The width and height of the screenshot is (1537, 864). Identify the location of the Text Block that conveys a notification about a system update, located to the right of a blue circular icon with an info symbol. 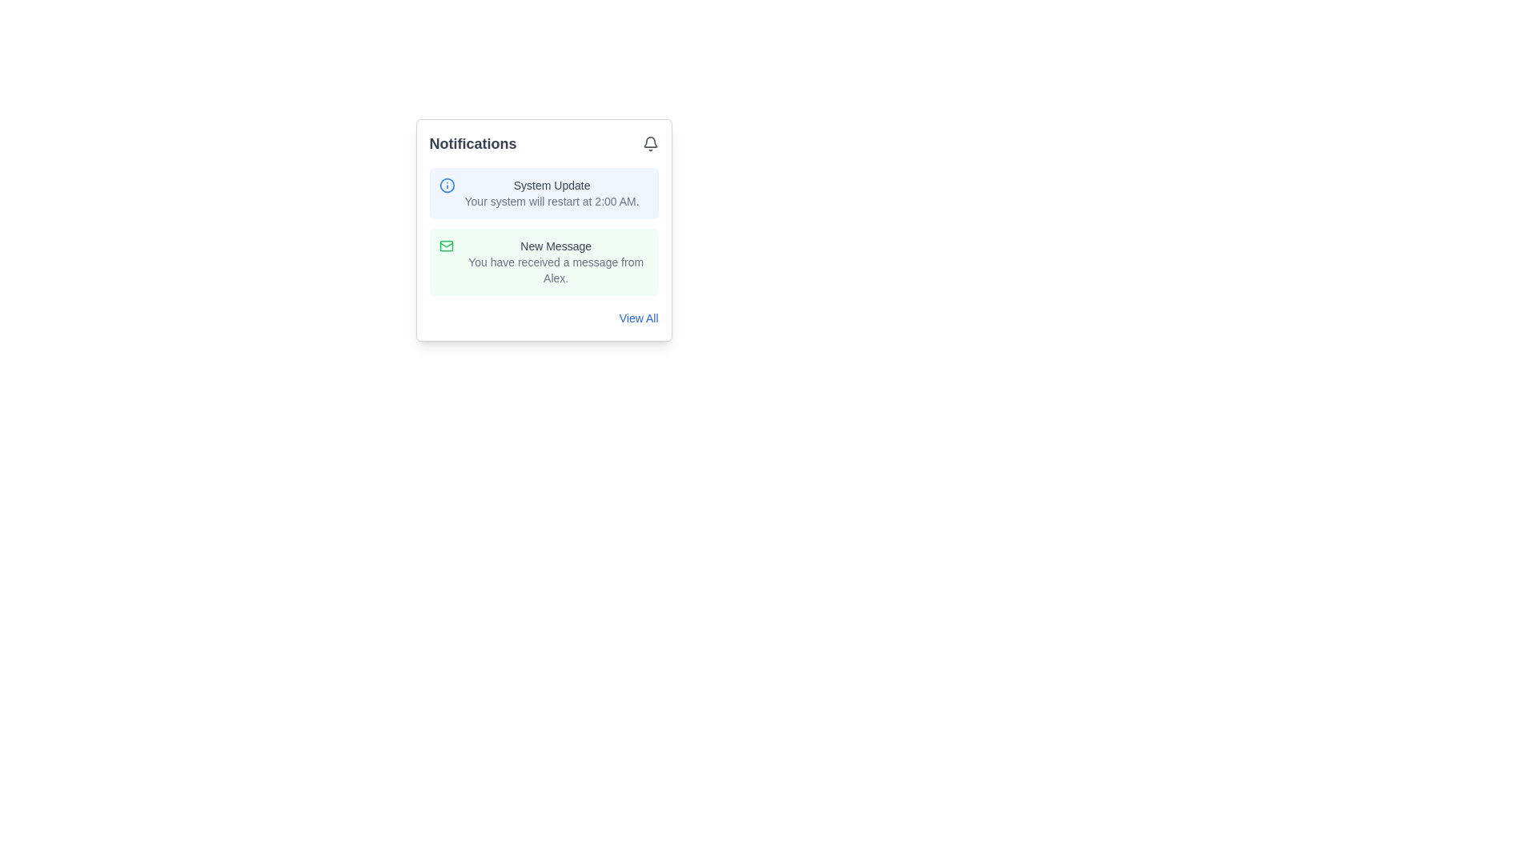
(552, 193).